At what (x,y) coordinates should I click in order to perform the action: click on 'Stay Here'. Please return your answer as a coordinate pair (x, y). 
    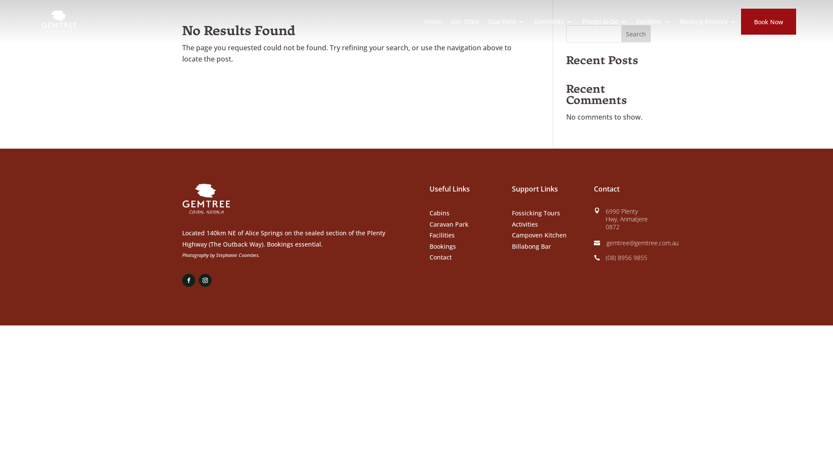
    Looking at the image, I should click on (506, 21).